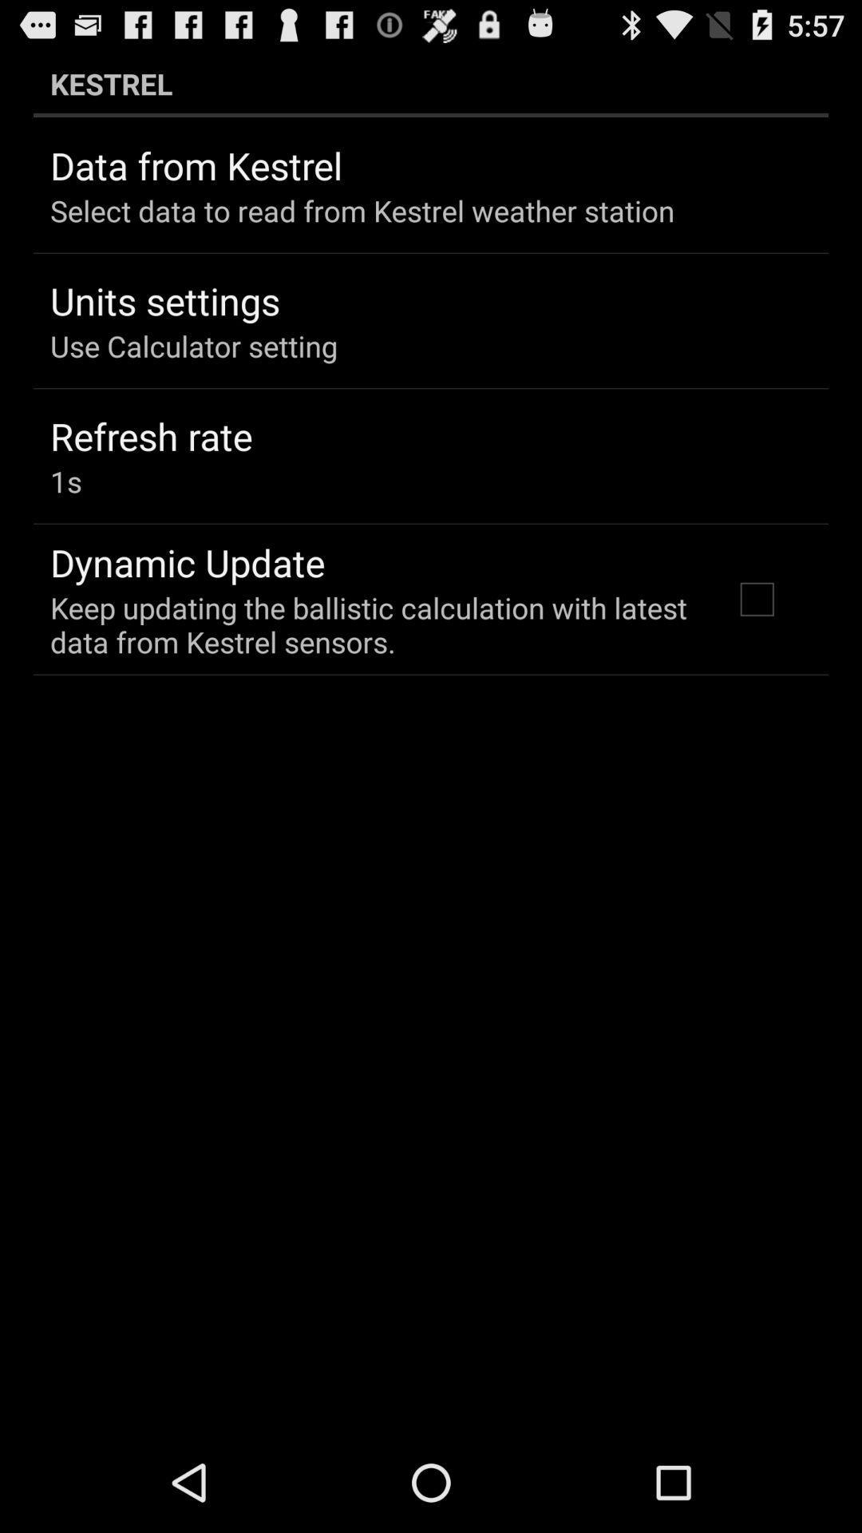  Describe the element at coordinates (756, 598) in the screenshot. I see `app next to the keep updating the app` at that location.